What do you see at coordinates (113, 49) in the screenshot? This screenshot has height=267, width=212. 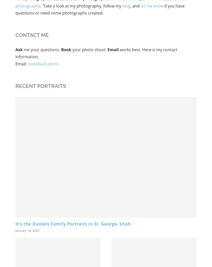 I see `'Email'` at bounding box center [113, 49].